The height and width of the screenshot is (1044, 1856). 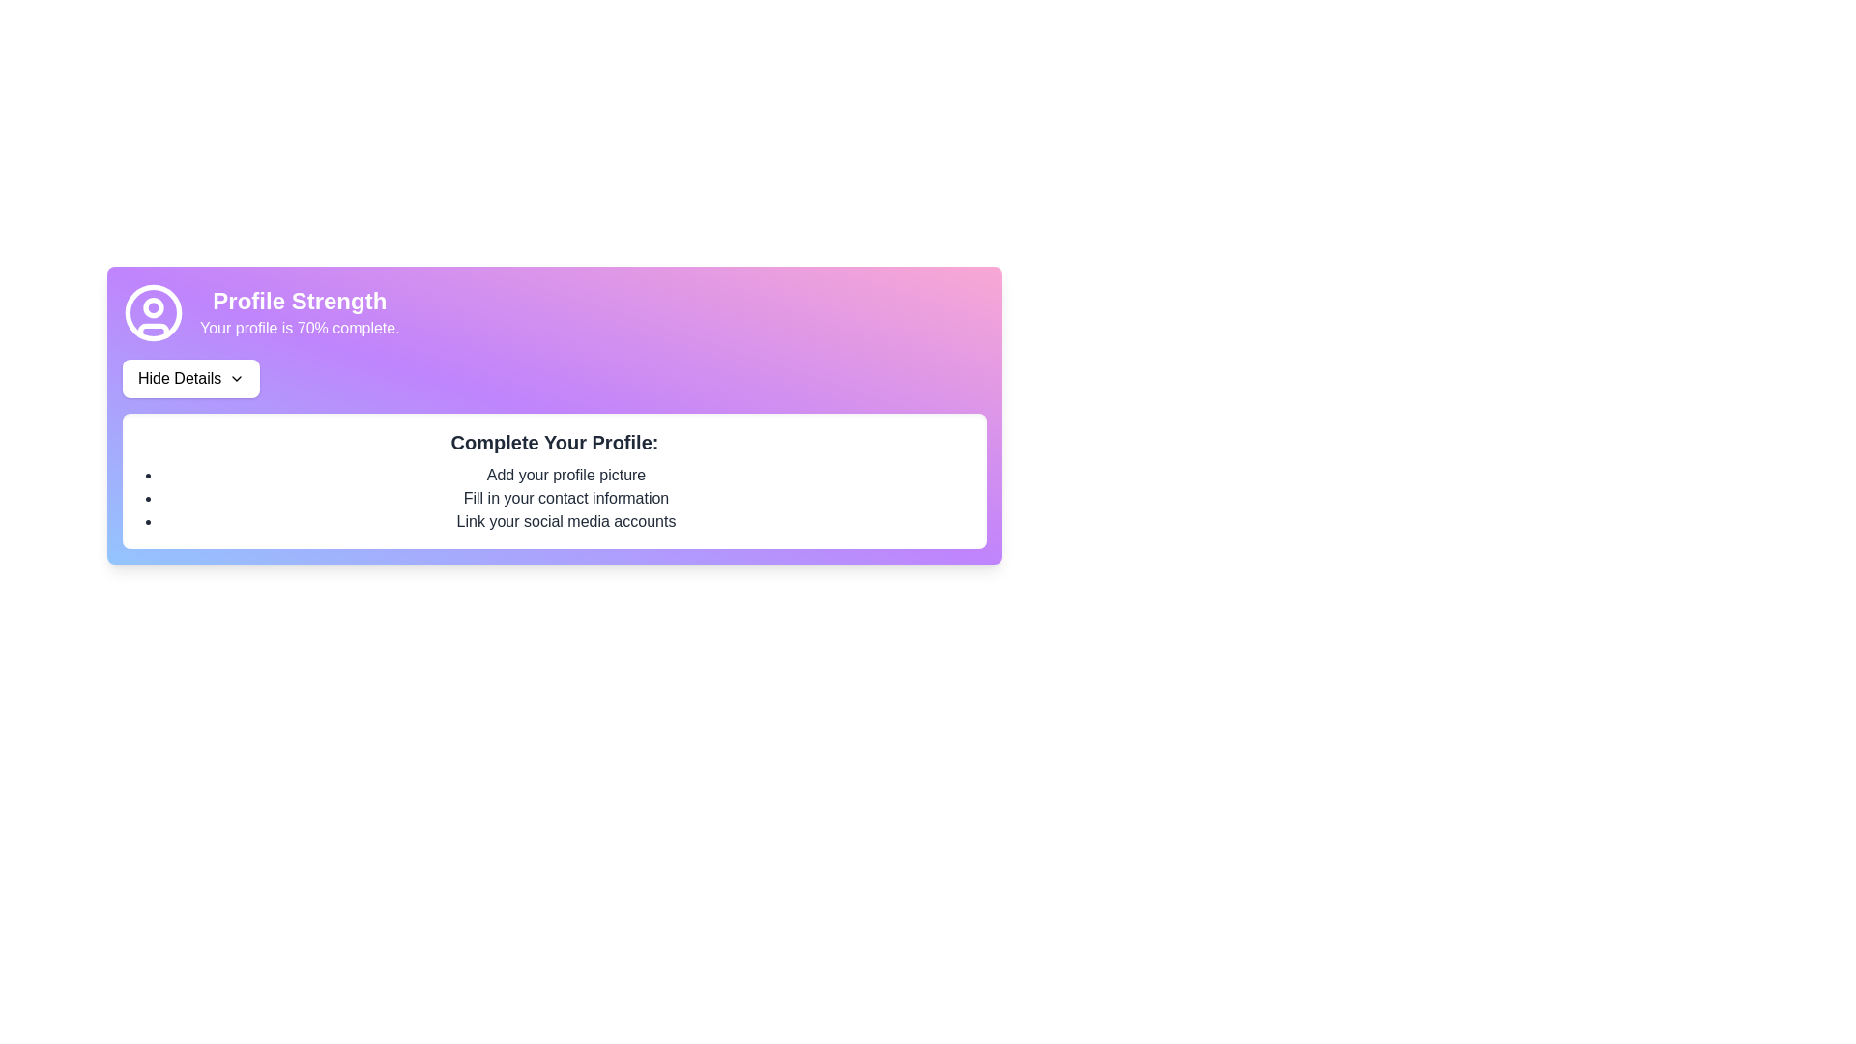 I want to click on the 'Hide Details' button located below the 'Profile Strength' and user icon in the card component, so click(x=554, y=414).